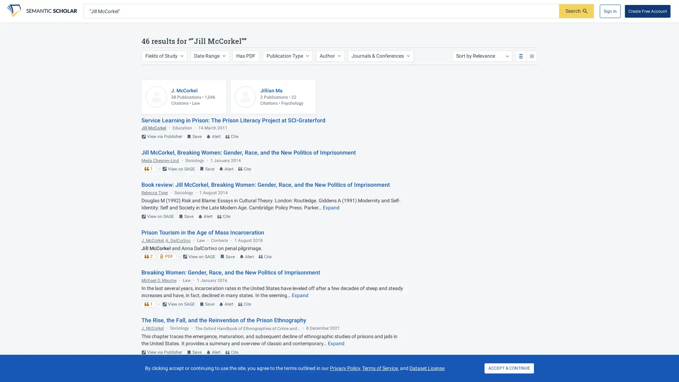 The image size is (679, 382). I want to click on Save to Library, so click(194, 352).